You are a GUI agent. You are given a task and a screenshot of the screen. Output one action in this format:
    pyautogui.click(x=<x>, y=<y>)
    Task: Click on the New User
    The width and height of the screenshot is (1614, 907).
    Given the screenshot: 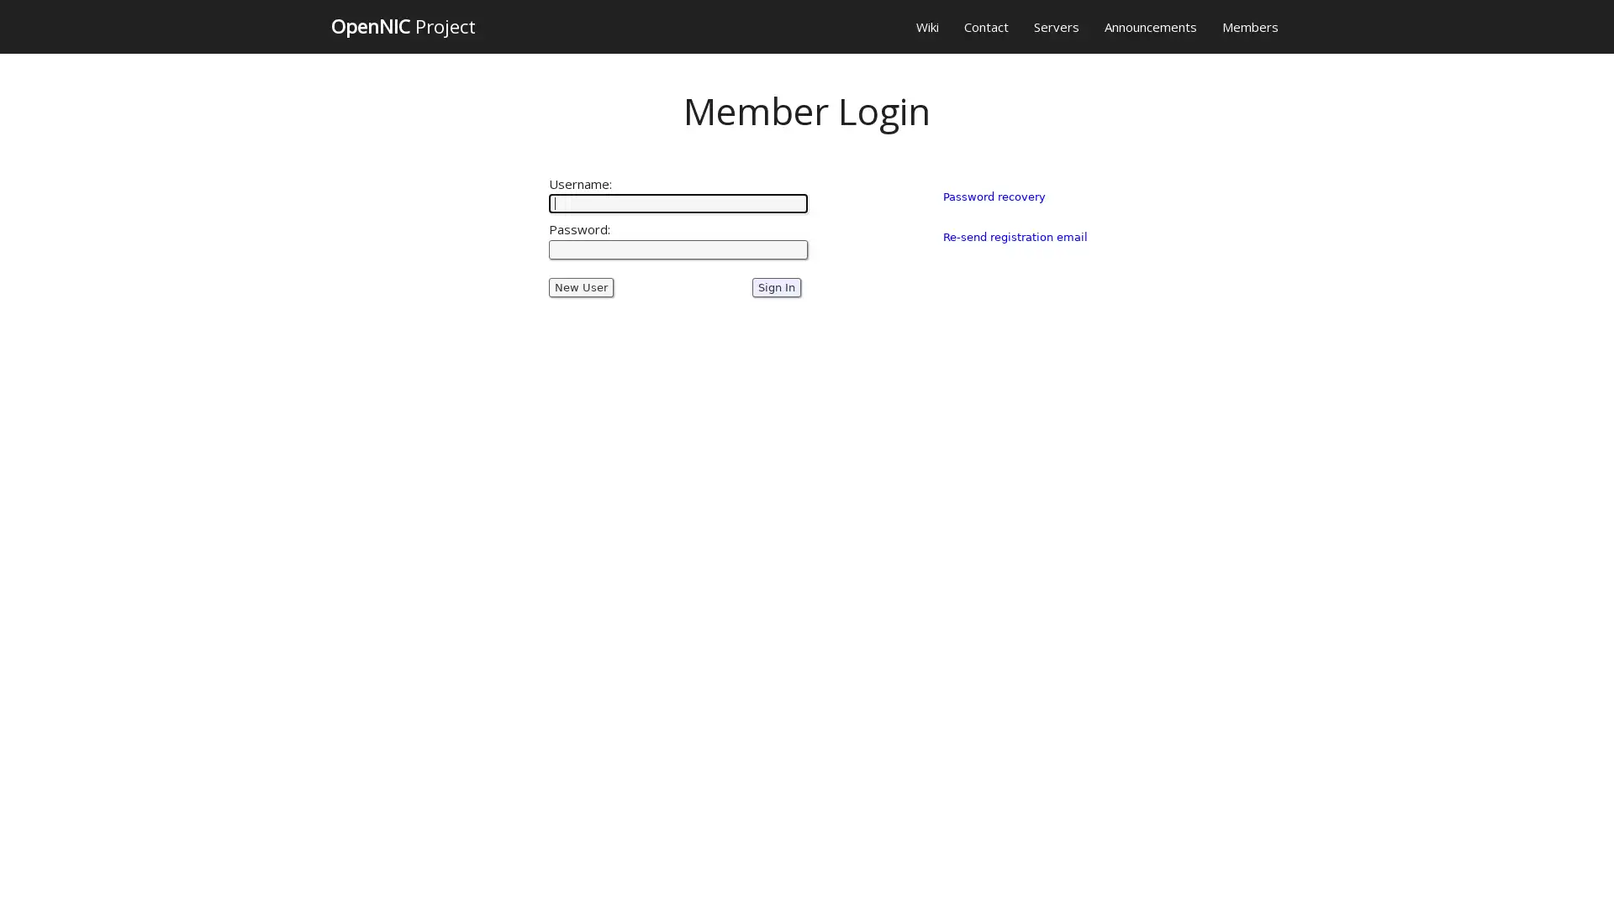 What is the action you would take?
    pyautogui.click(x=581, y=286)
    